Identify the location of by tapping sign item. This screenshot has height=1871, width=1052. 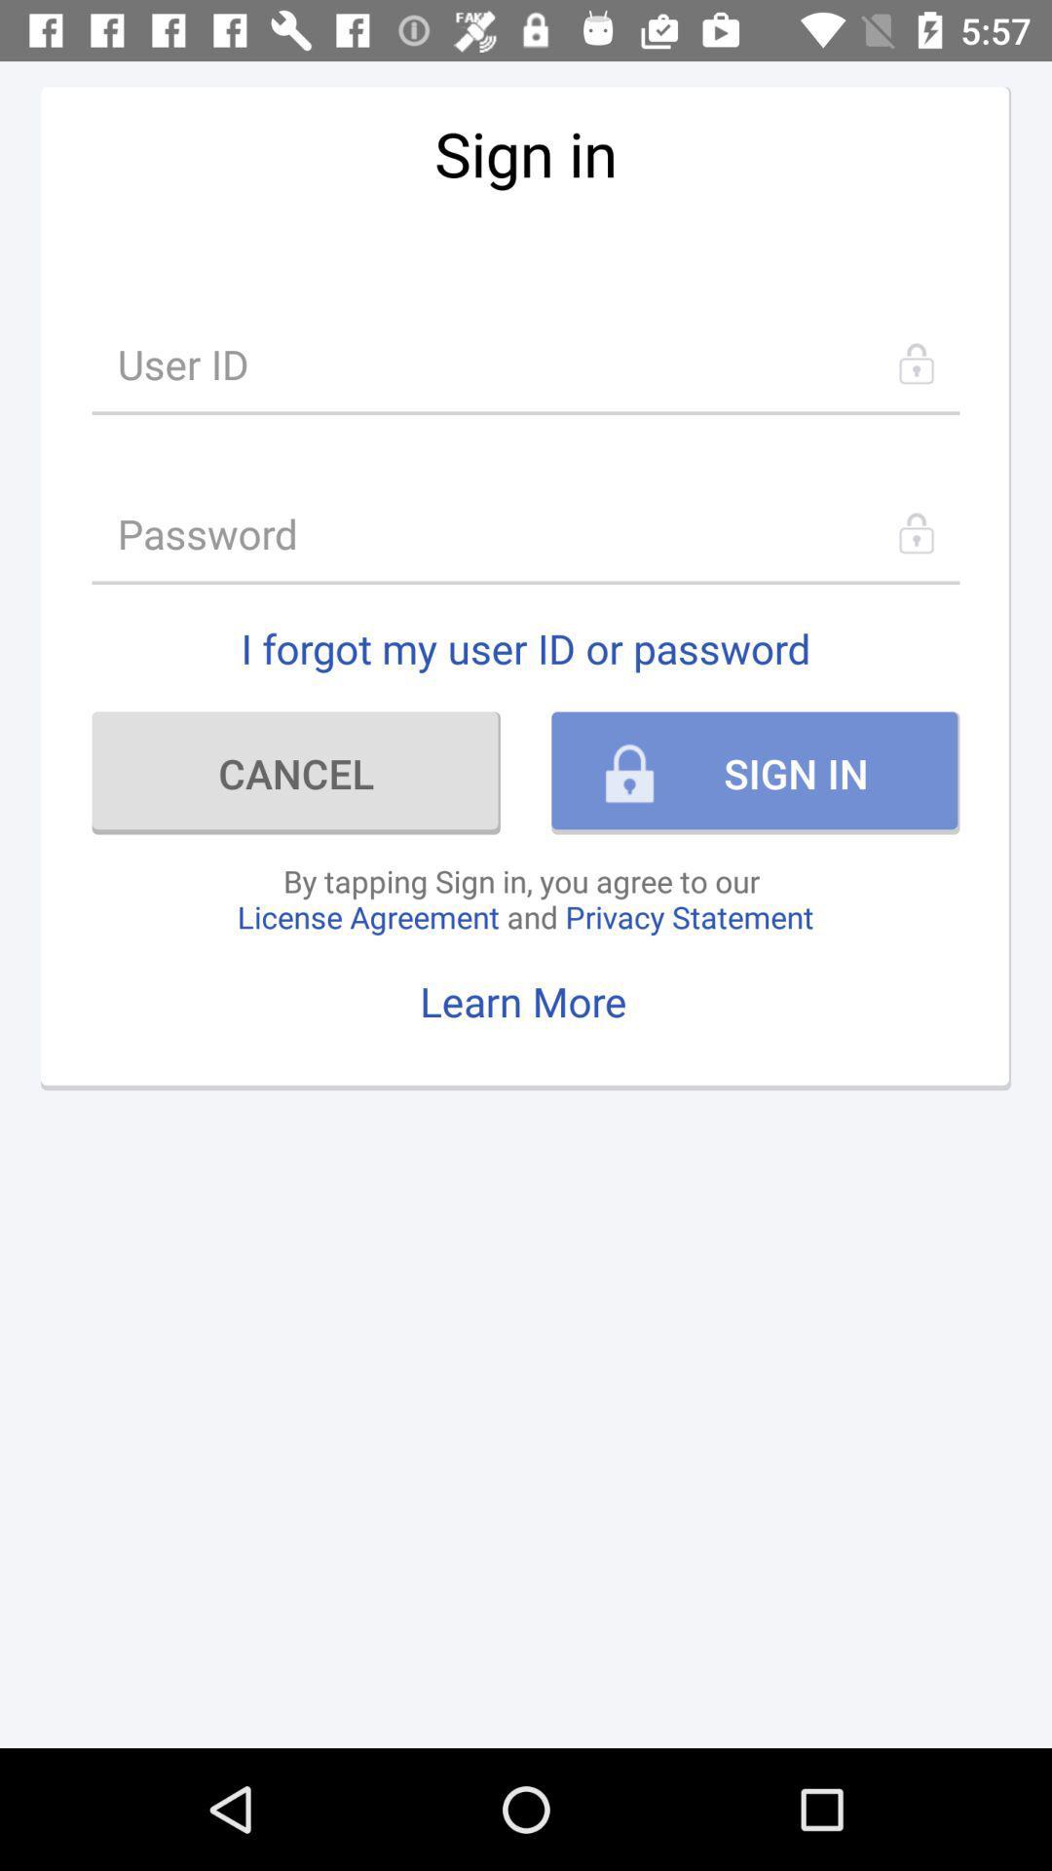
(524, 897).